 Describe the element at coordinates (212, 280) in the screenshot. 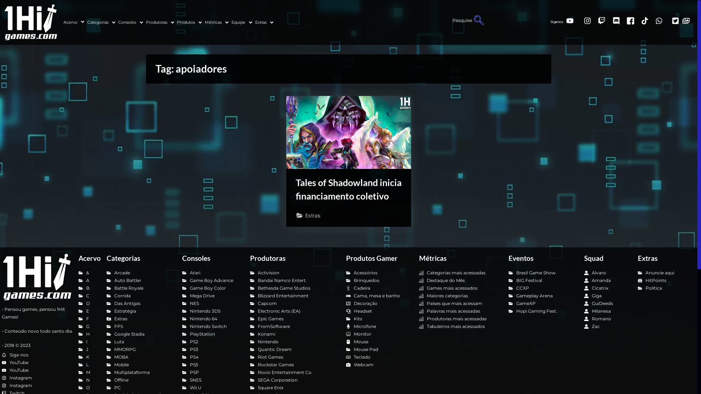

I see `'Game Boy Advance'` at that location.